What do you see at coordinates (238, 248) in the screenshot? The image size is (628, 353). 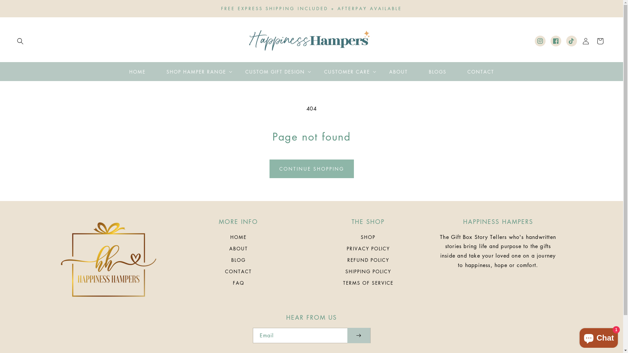 I see `'ABOUT'` at bounding box center [238, 248].